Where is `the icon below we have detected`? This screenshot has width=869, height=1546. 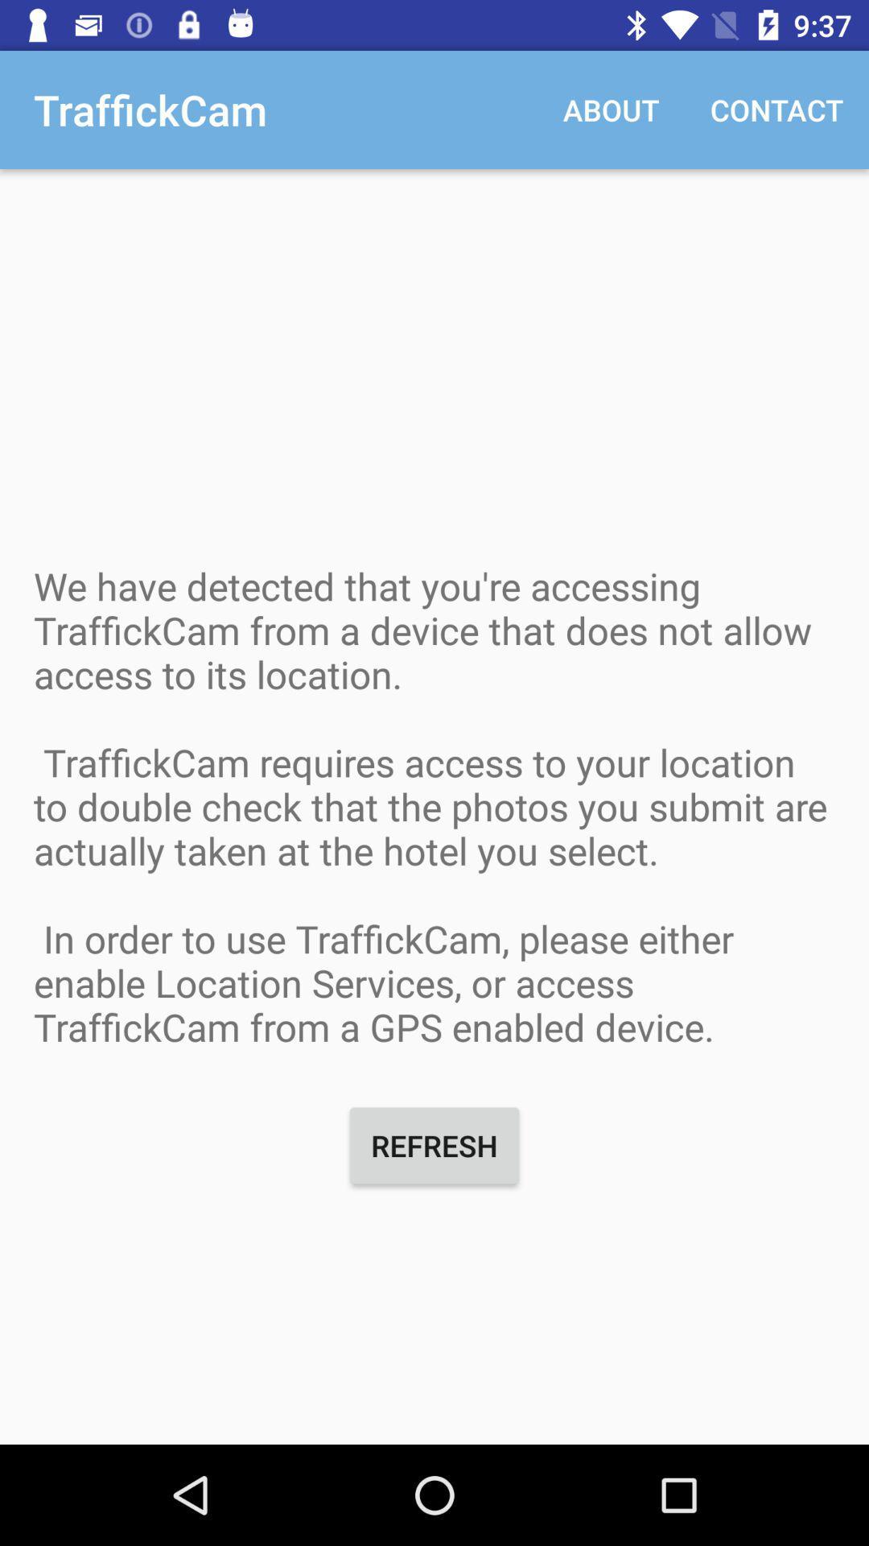 the icon below we have detected is located at coordinates (434, 1144).